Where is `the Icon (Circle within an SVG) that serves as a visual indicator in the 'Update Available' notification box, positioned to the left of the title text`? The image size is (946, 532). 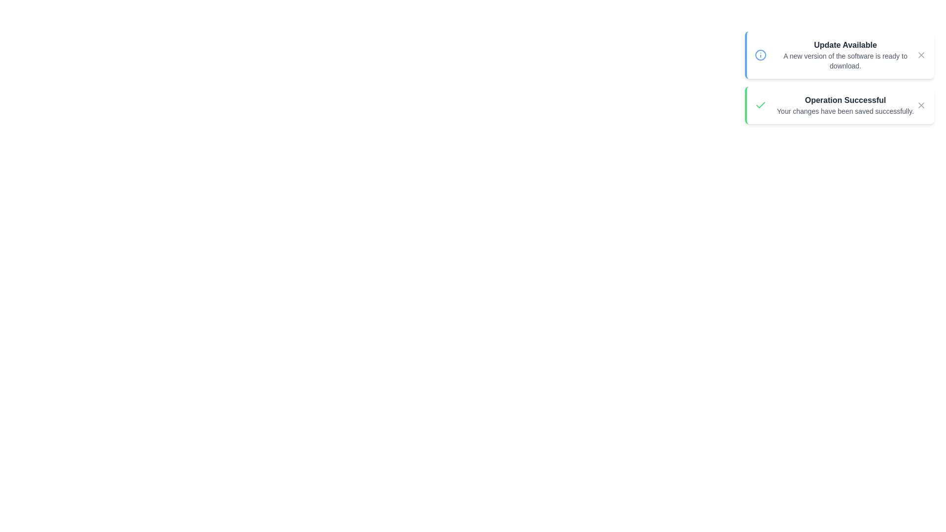 the Icon (Circle within an SVG) that serves as a visual indicator in the 'Update Available' notification box, positioned to the left of the title text is located at coordinates (760, 55).